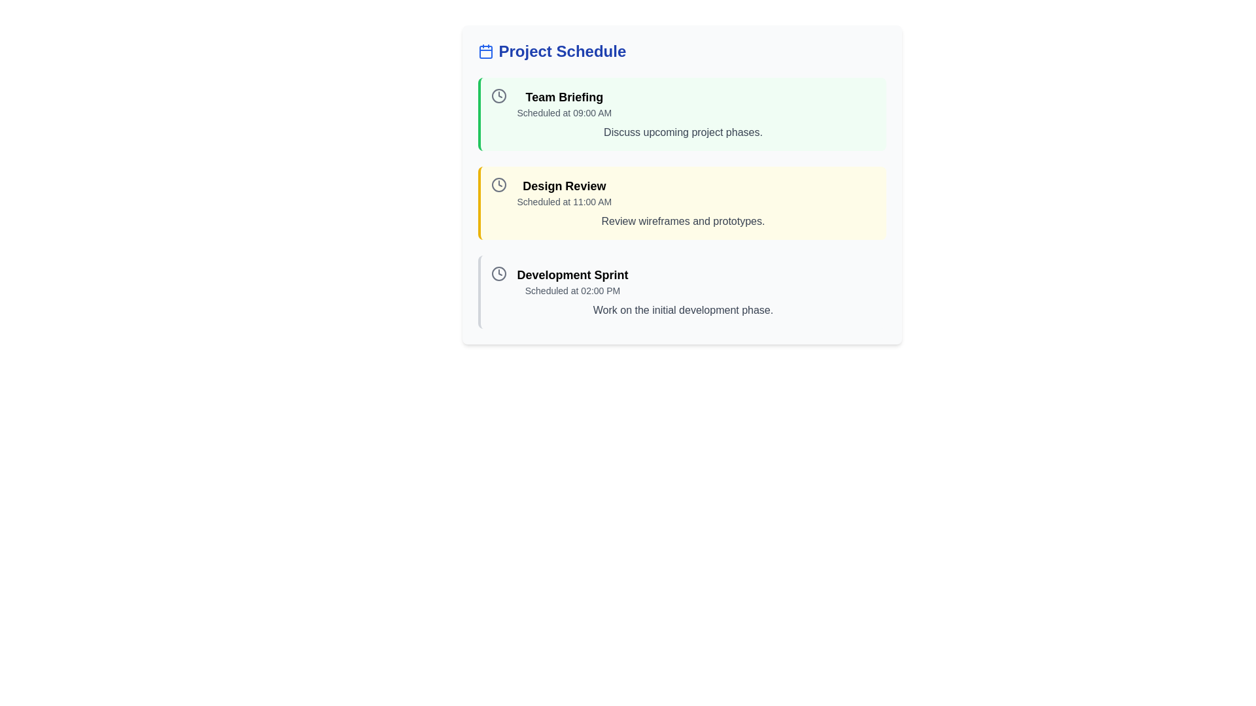 The image size is (1256, 706). What do you see at coordinates (681, 184) in the screenshot?
I see `the Information card for the Design Review event scheduled at 11:00 AM, which is the second event in the Project Schedule section, positioned between the Team Briefing and Development Sprint sections` at bounding box center [681, 184].